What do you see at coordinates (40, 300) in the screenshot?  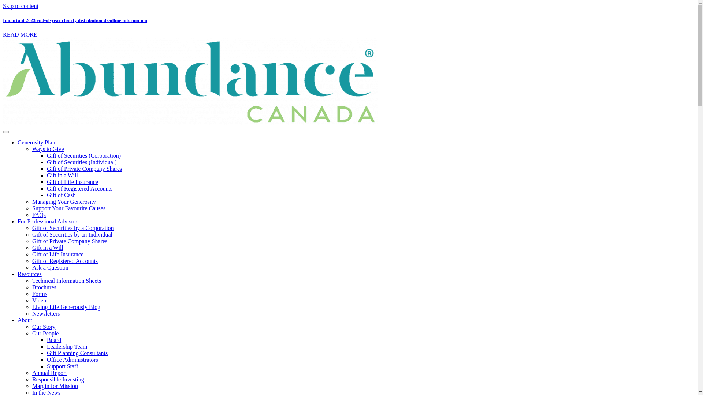 I see `'Videos'` at bounding box center [40, 300].